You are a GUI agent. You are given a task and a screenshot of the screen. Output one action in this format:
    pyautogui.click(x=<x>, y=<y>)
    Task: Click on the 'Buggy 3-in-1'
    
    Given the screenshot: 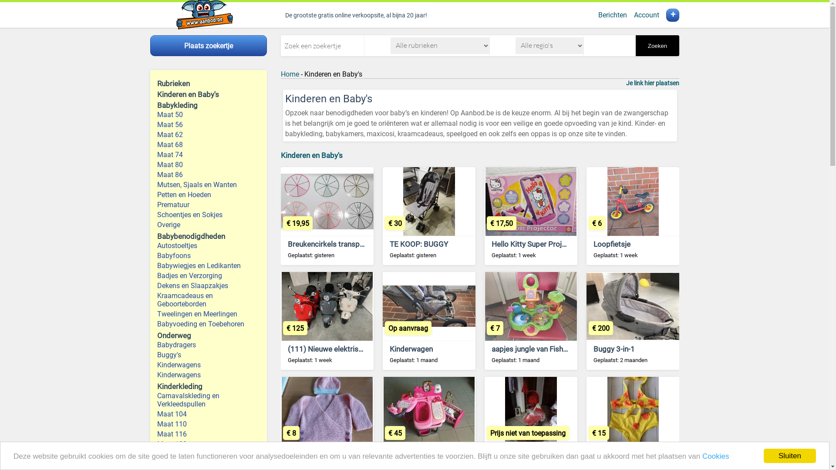 What is the action you would take?
    pyautogui.click(x=614, y=349)
    